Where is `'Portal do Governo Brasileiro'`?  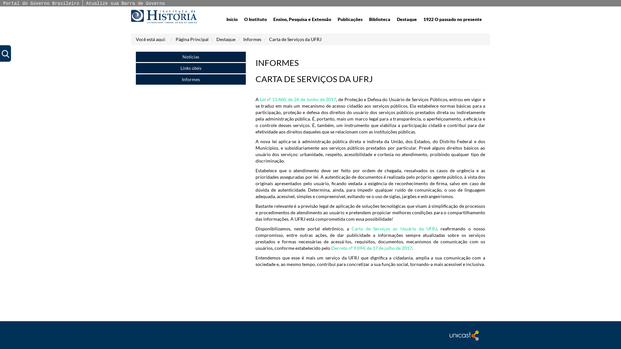
'Portal do Governo Brasileiro' is located at coordinates (41, 4).